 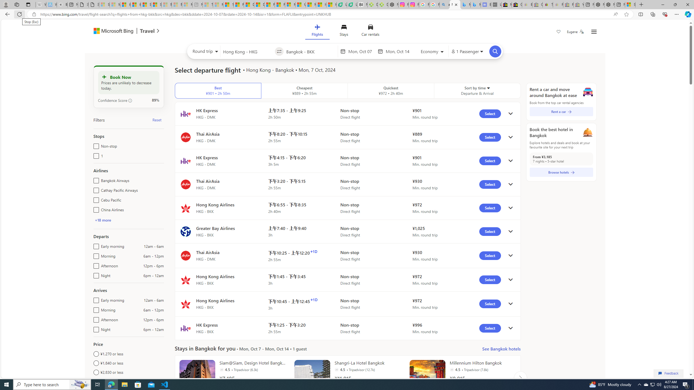 What do you see at coordinates (558, 32) in the screenshot?
I see `'Save'` at bounding box center [558, 32].